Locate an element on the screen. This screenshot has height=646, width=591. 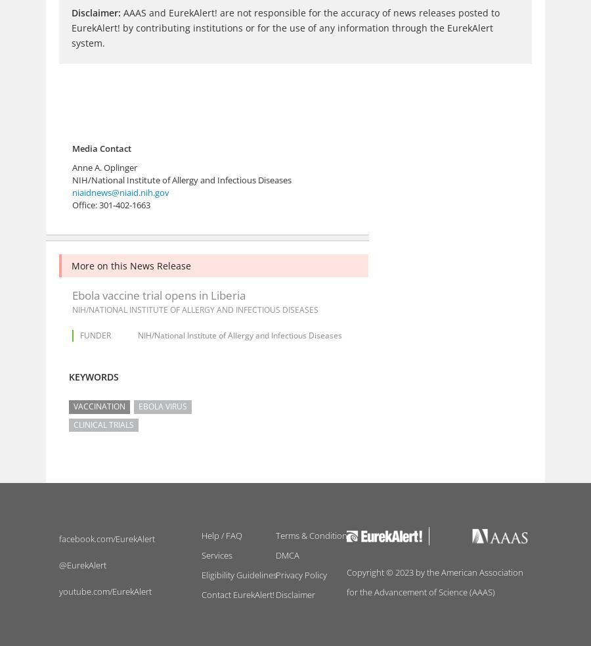
'Office: 301-402-1663' is located at coordinates (111, 205).